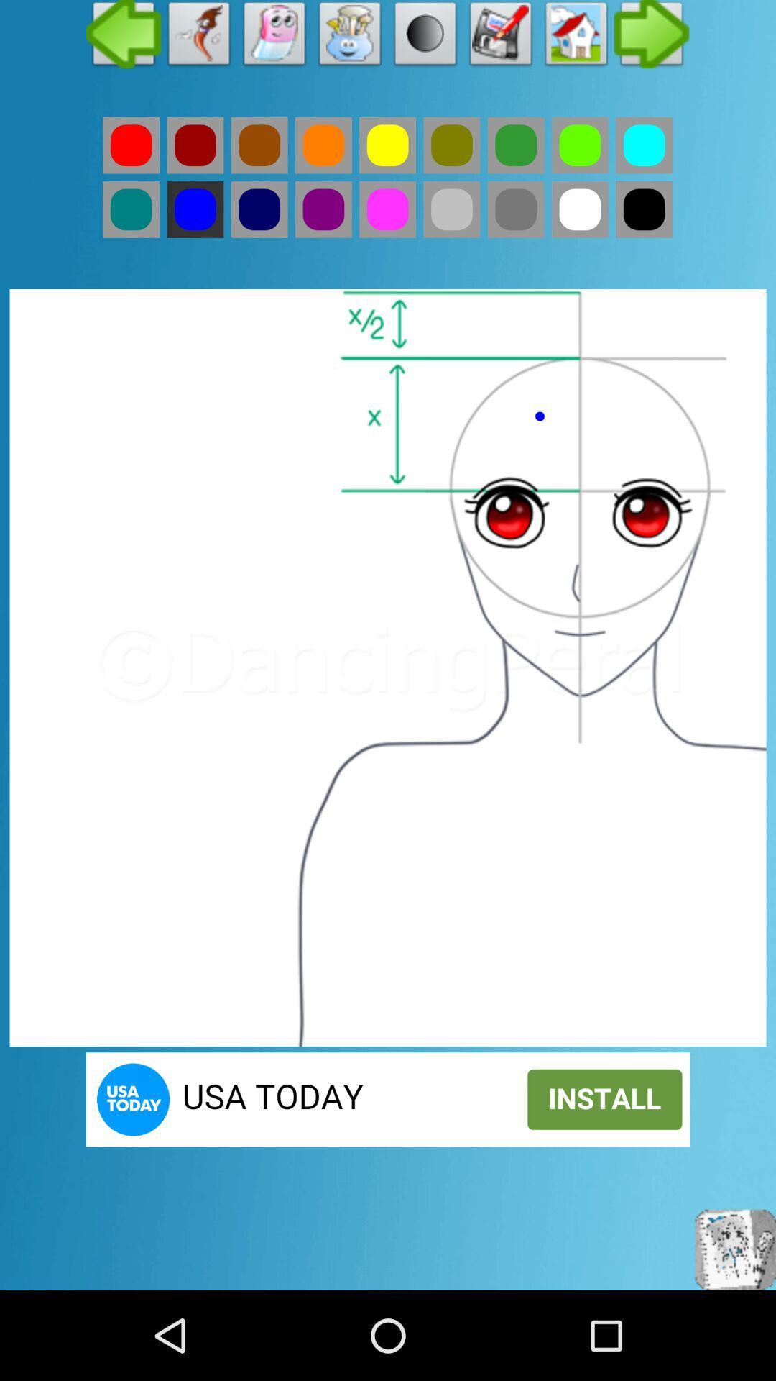  What do you see at coordinates (131, 145) in the screenshot?
I see `go back` at bounding box center [131, 145].